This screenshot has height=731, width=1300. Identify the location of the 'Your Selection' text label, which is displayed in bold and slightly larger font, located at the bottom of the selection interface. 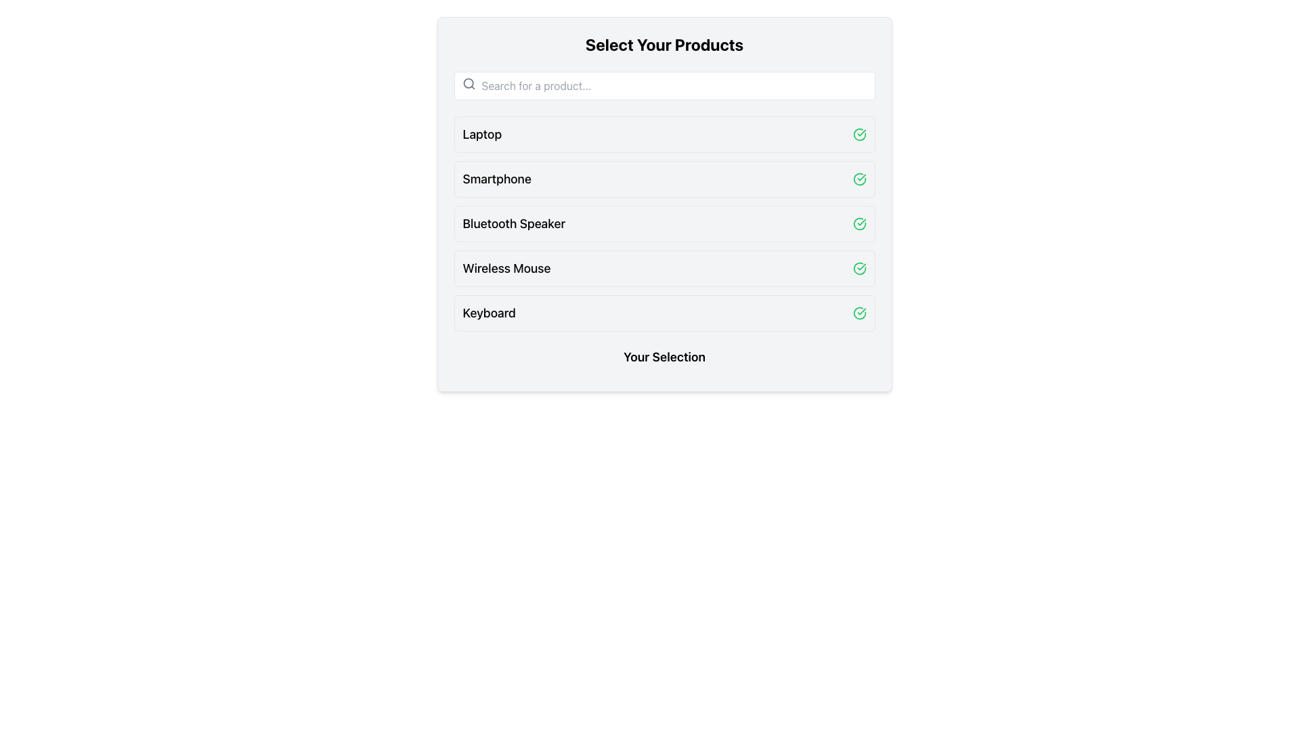
(664, 357).